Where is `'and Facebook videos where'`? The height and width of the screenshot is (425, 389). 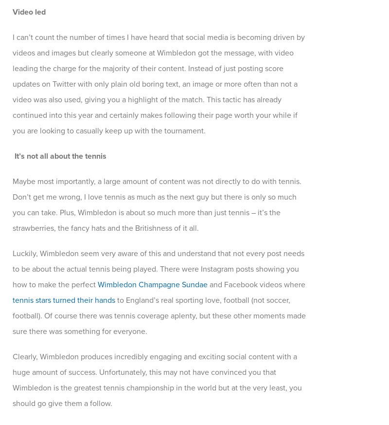
'and Facebook videos where' is located at coordinates (207, 284).